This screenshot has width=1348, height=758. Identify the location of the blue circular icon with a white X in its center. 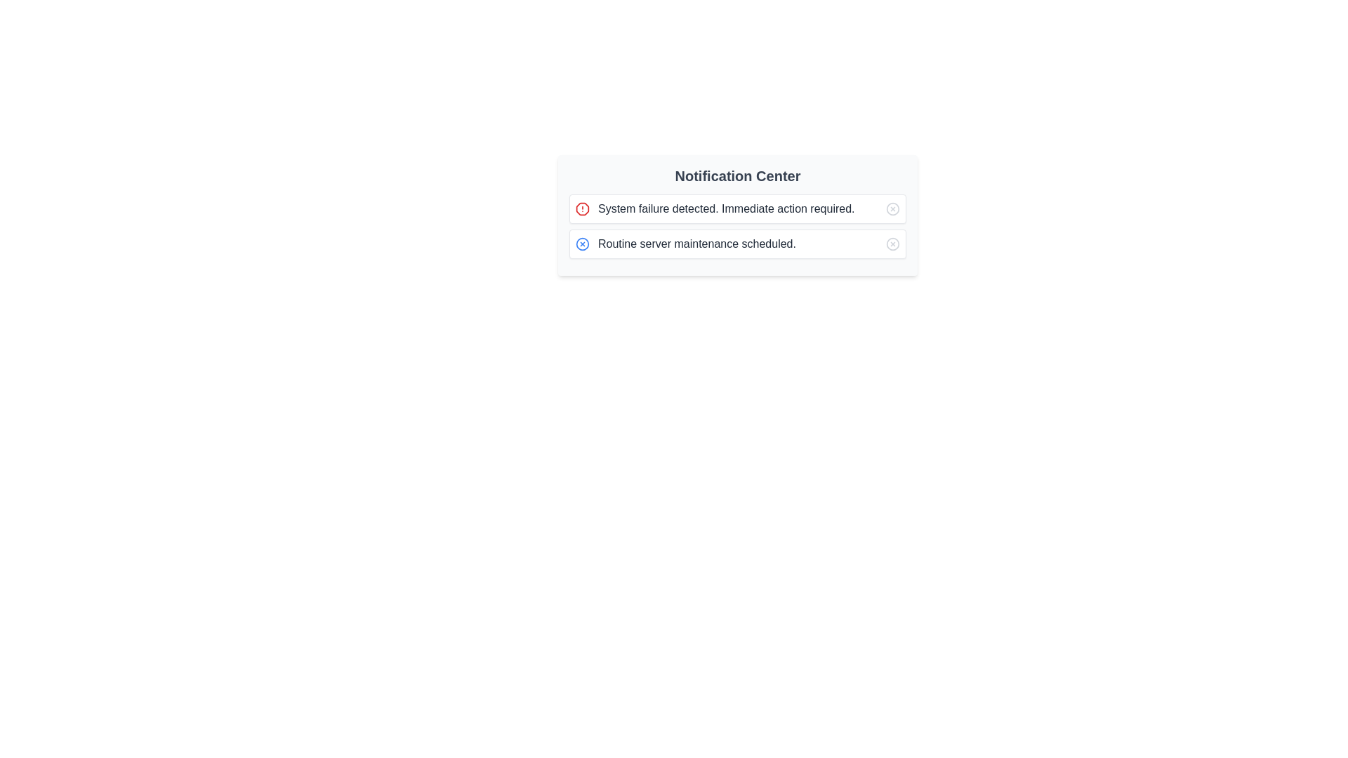
(583, 243).